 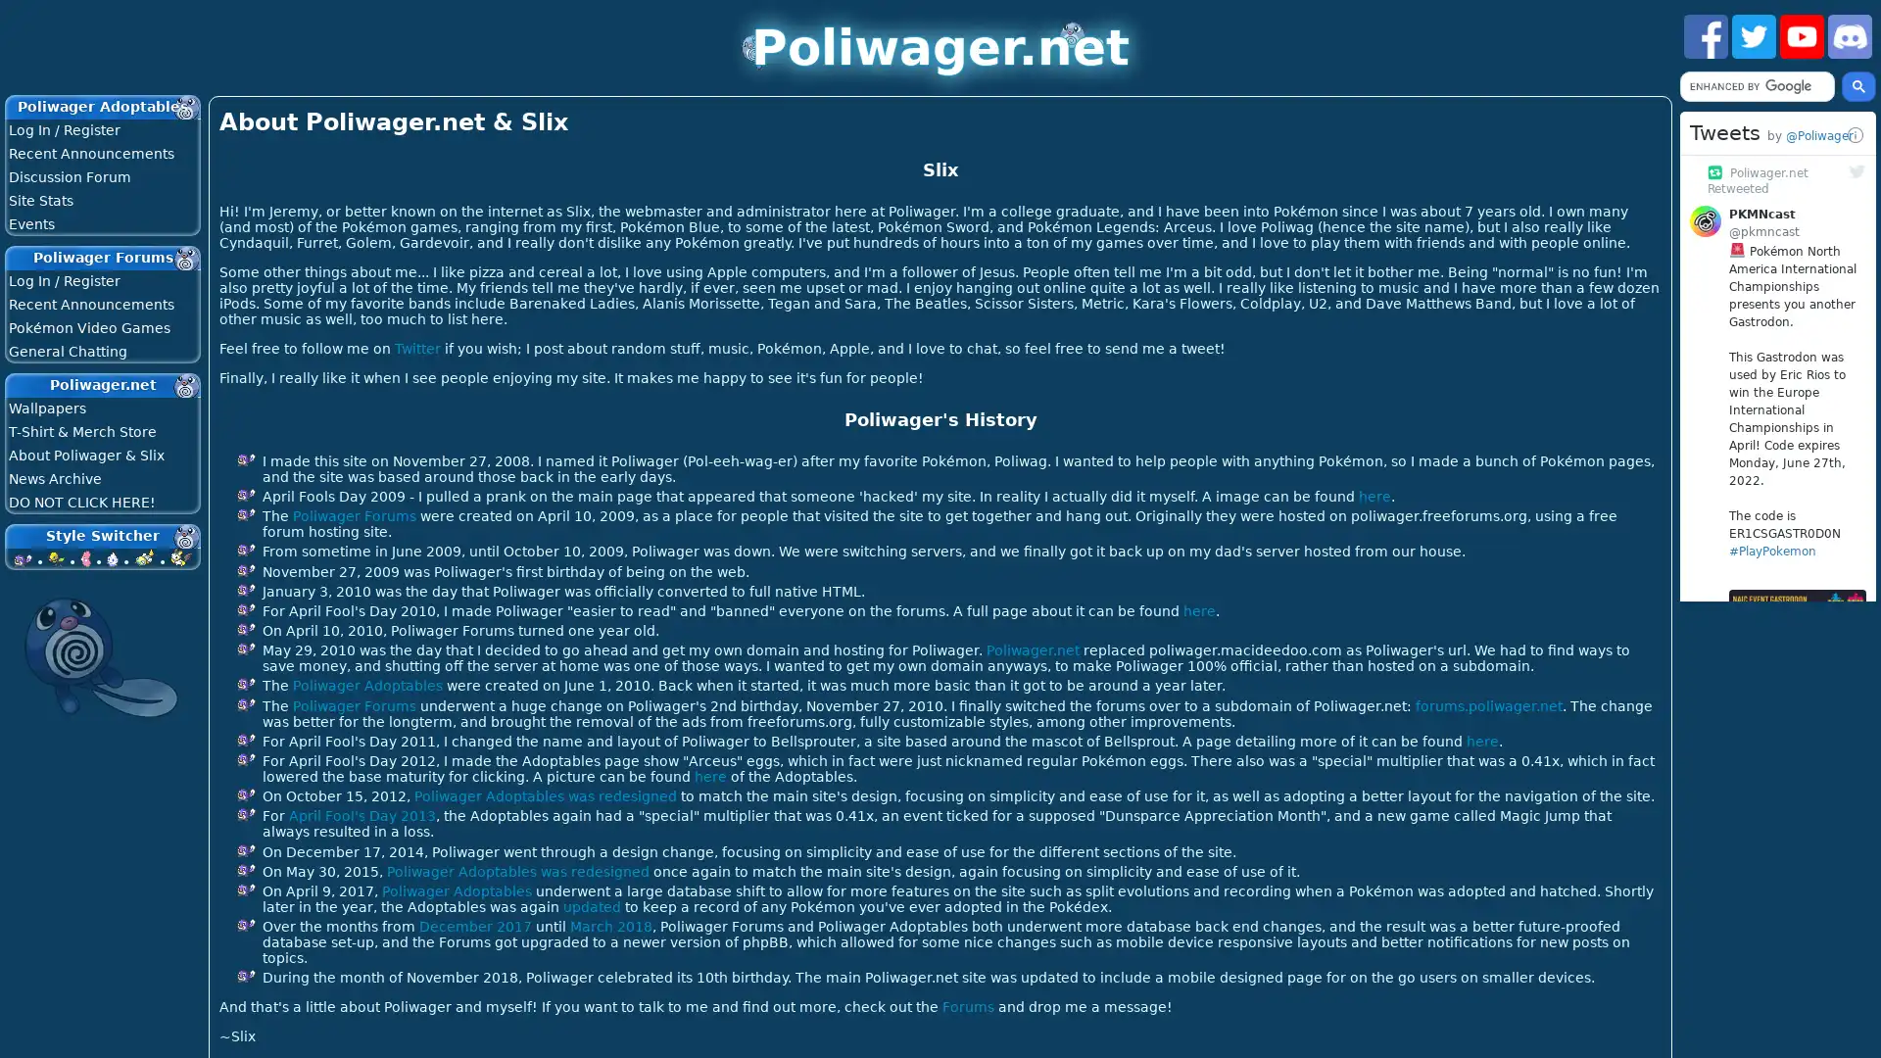 I want to click on search, so click(x=1857, y=85).